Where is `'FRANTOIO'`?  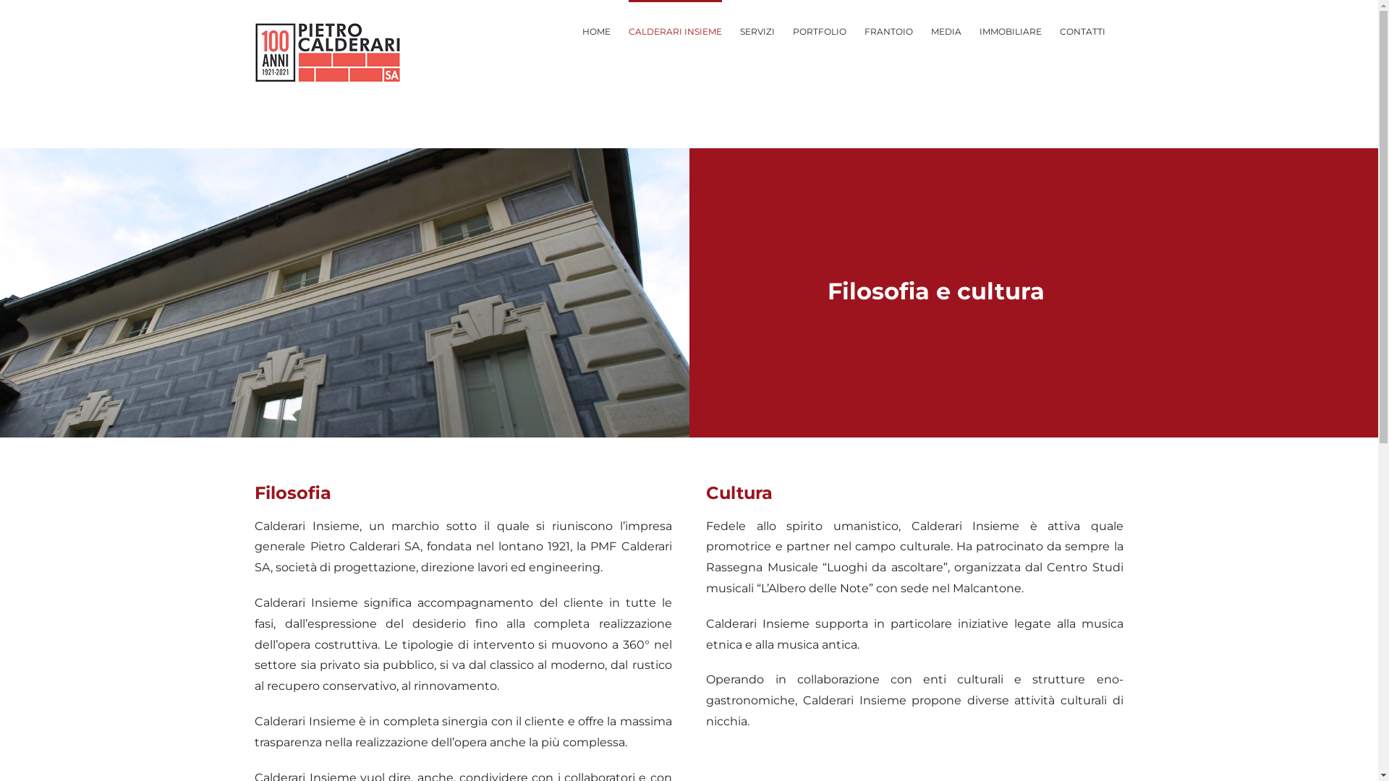 'FRANTOIO' is located at coordinates (887, 30).